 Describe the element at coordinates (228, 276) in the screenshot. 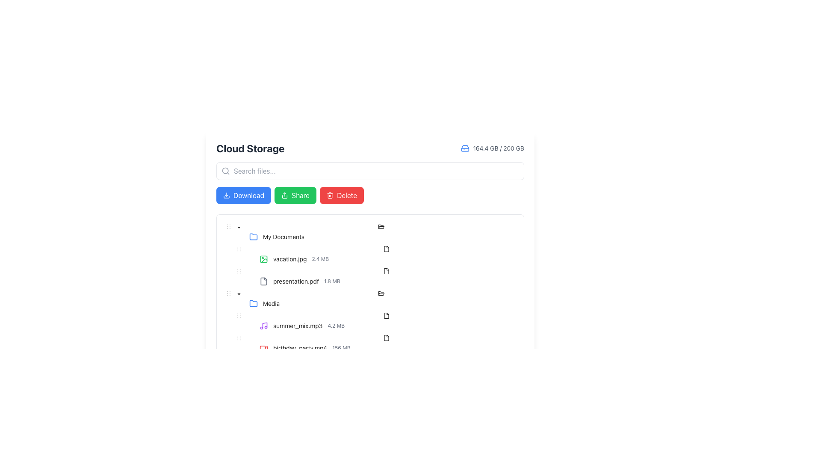

I see `the Indentation placeholder in the tree view, which indicates the hierarchy level of the item, located to the left of 'presentation.pdf 1.8 MB'` at that location.